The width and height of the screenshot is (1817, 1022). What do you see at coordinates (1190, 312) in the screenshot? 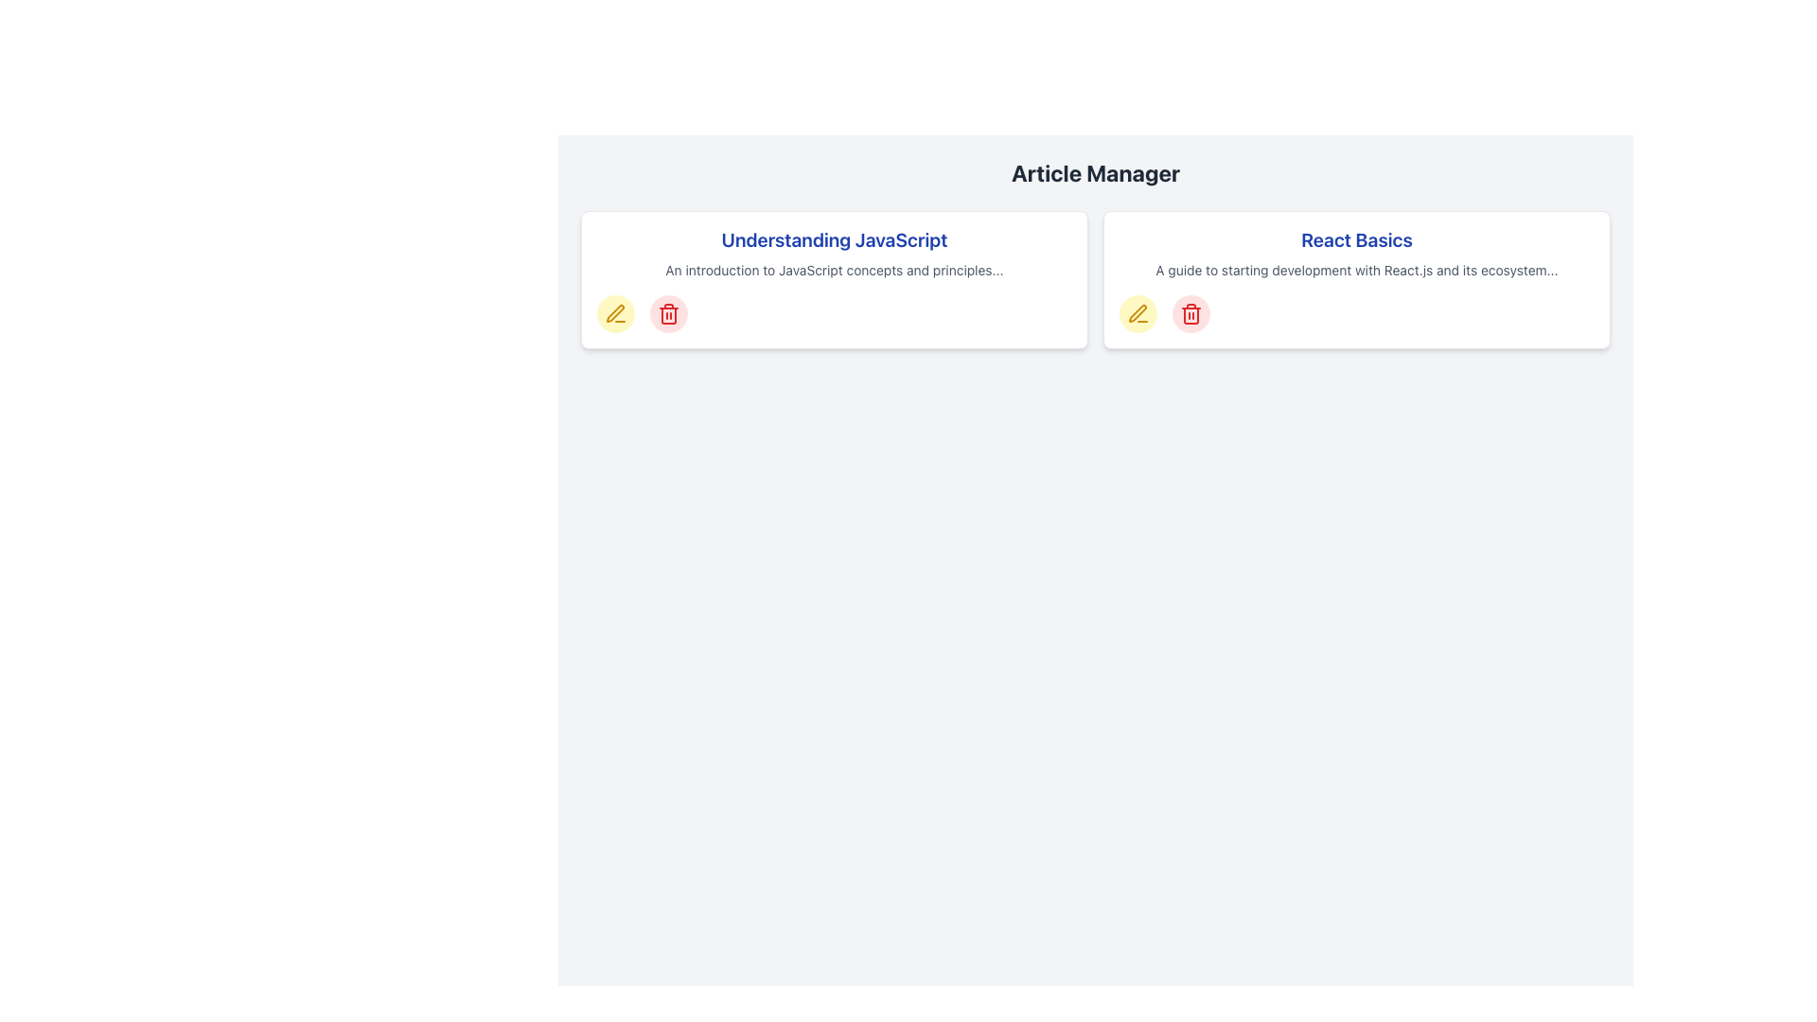
I see `the delete button located in the second article card` at bounding box center [1190, 312].